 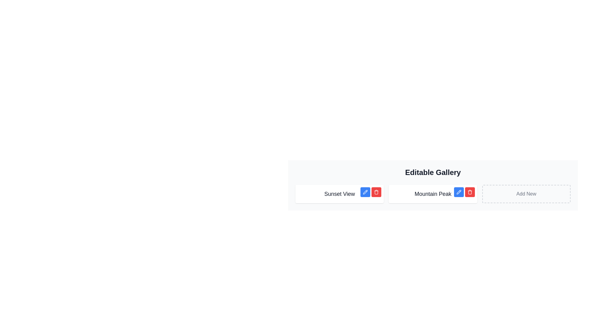 I want to click on the blue button with a pen icon located at the top-right corner of the floating panel, so click(x=365, y=192).